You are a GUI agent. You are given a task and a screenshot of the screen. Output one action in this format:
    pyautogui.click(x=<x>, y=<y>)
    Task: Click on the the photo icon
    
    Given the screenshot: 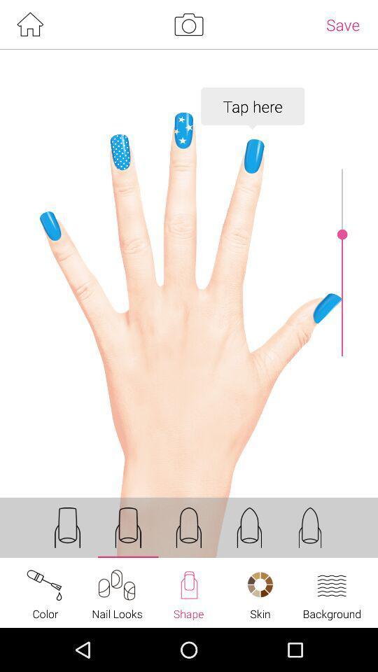 What is the action you would take?
    pyautogui.click(x=188, y=25)
    